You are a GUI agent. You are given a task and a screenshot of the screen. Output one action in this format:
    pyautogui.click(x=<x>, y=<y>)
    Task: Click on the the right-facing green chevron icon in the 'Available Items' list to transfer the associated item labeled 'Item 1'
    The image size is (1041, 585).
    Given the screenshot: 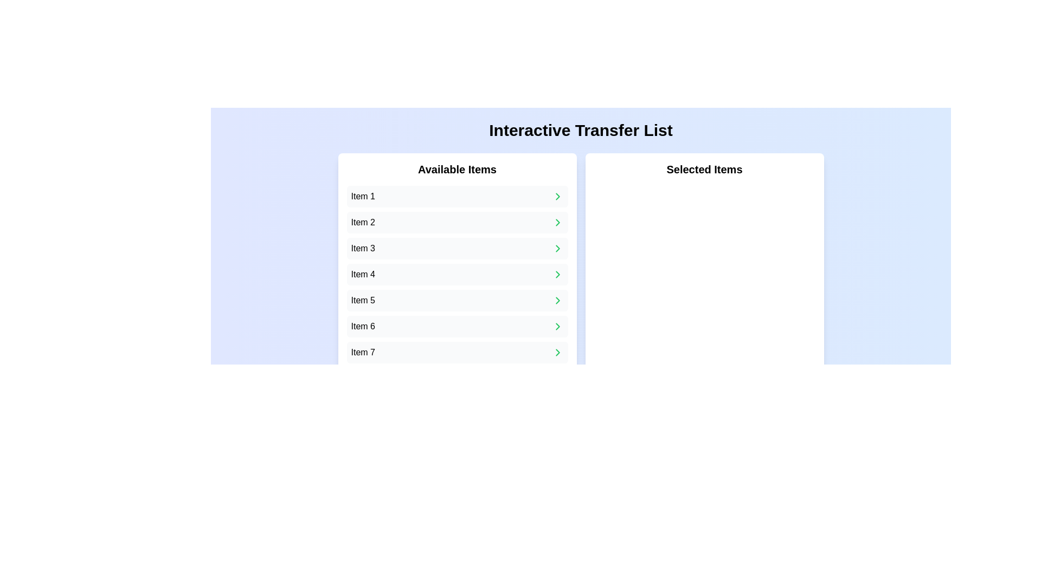 What is the action you would take?
    pyautogui.click(x=557, y=196)
    